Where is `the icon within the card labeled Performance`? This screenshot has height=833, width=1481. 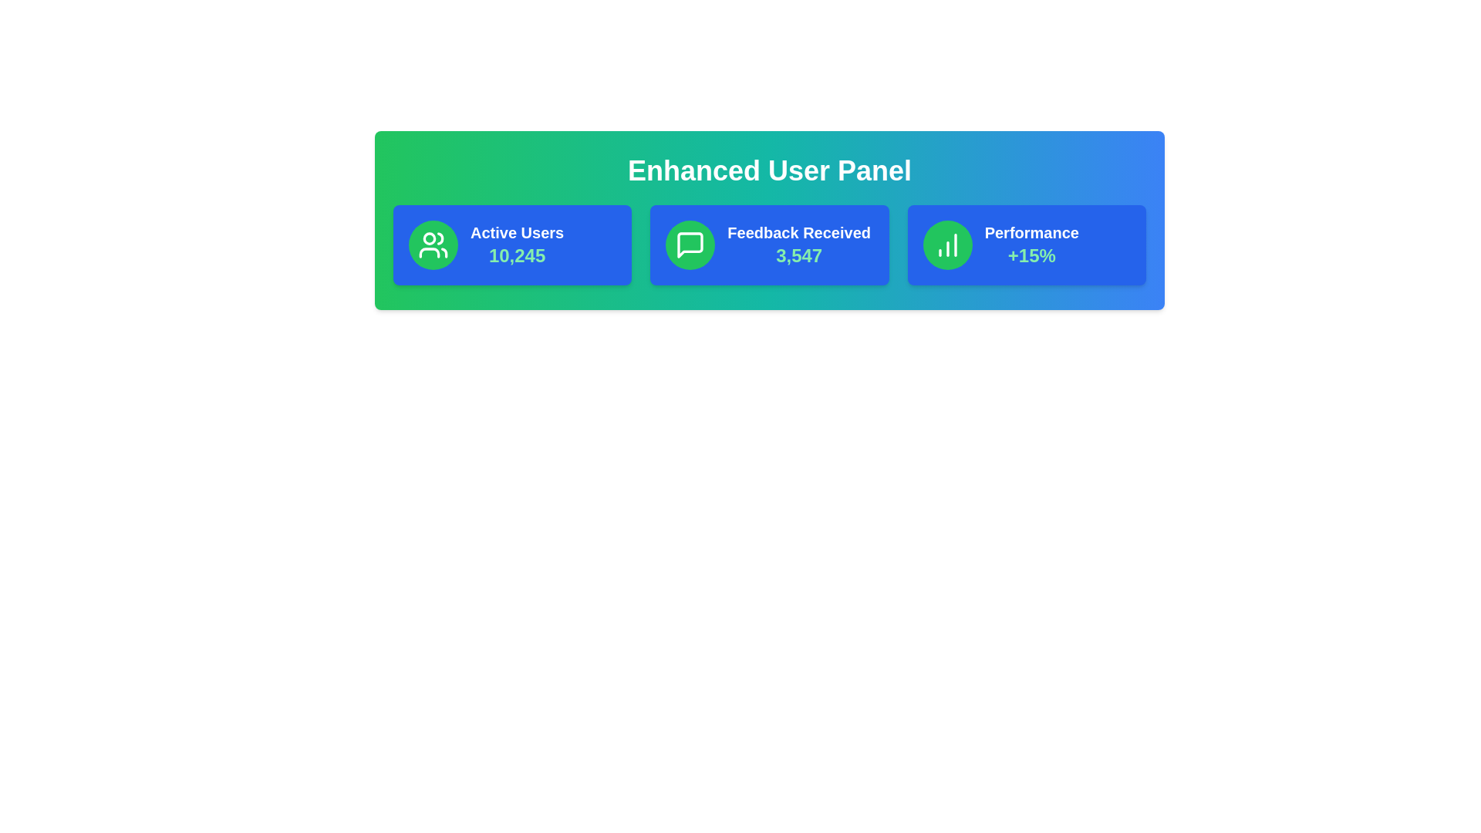
the icon within the card labeled Performance is located at coordinates (946, 244).